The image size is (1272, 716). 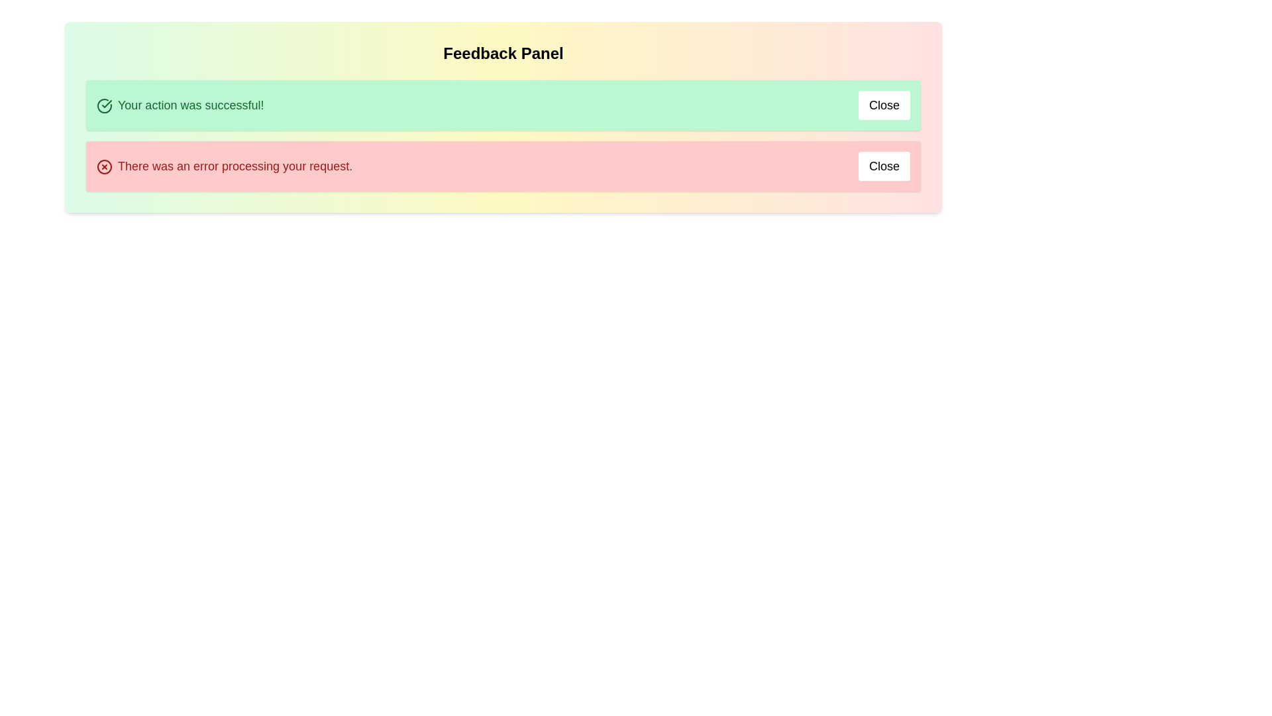 I want to click on the error icon located at the leftmost side of the red notification bar, which indicates an issue related to the message 'There was an error processing your request.', so click(x=104, y=166).